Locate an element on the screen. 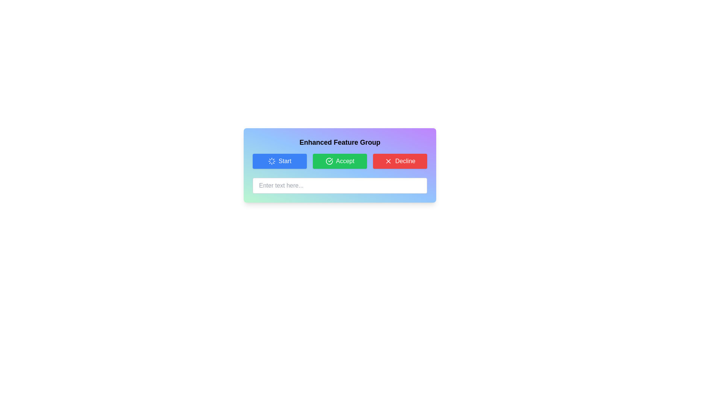 The image size is (722, 406). text displayed on the 'Accept' button, which has a green background and white text, located between the 'Start' and 'Decline' buttons is located at coordinates (344, 161).